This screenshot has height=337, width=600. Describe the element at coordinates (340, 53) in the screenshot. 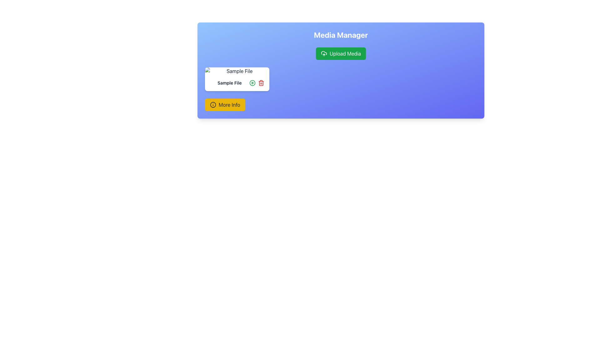

I see `the green 'Upload Media' button with rounded corners, located below the 'Media Manager' title, to initiate an upload action` at that location.